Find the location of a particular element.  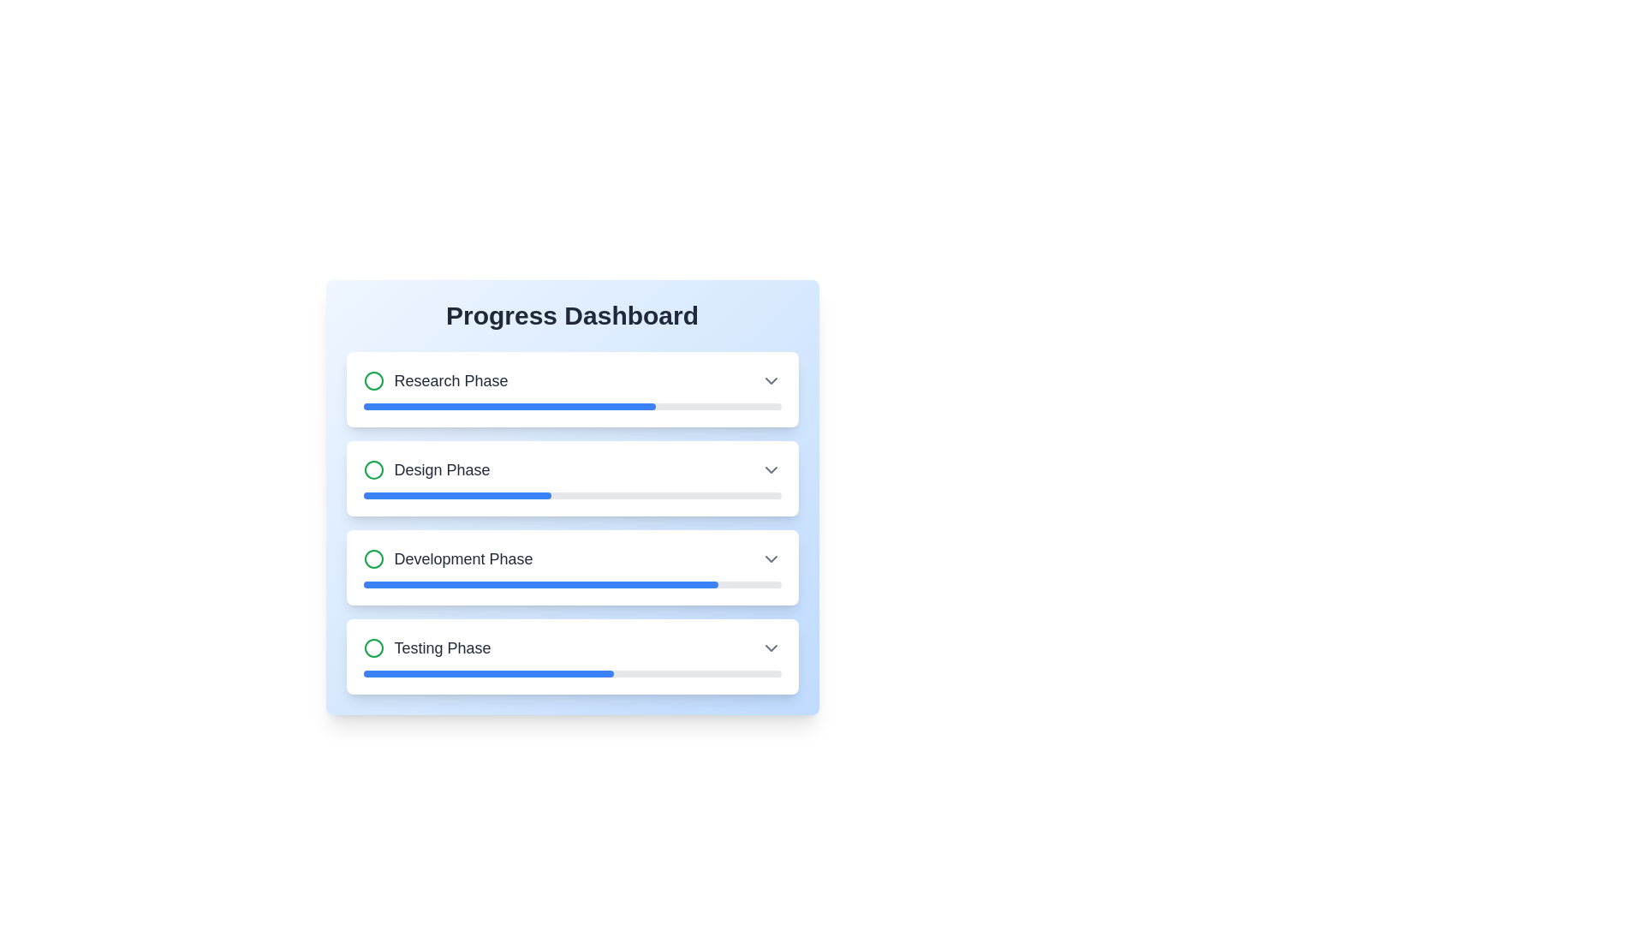

the Circle-shaped status indicator icon located to the left of the text 'Development Phase' in the progress dashboard is located at coordinates (372, 558).